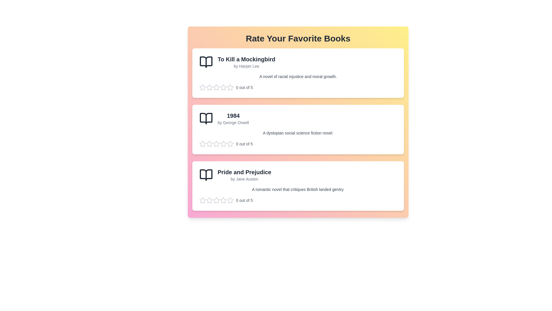 The width and height of the screenshot is (552, 311). Describe the element at coordinates (223, 200) in the screenshot. I see `the first rating star of the 'Pride and Prejudice' book to rate it` at that location.